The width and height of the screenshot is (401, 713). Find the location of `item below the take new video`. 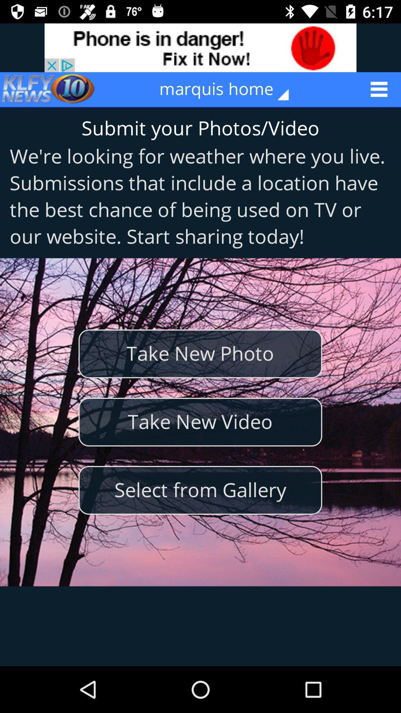

item below the take new video is located at coordinates (200, 490).